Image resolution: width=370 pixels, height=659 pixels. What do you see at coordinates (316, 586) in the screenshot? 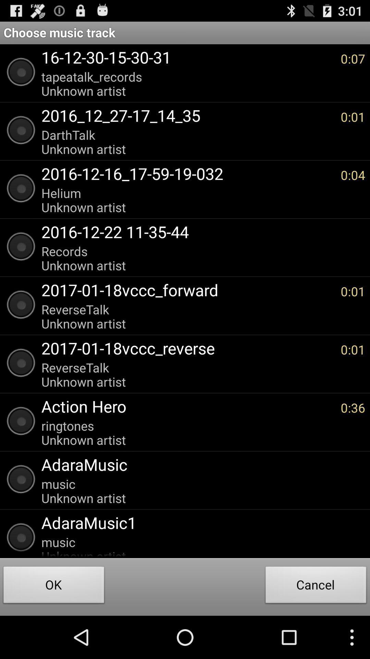
I see `the icon next to the ok button` at bounding box center [316, 586].